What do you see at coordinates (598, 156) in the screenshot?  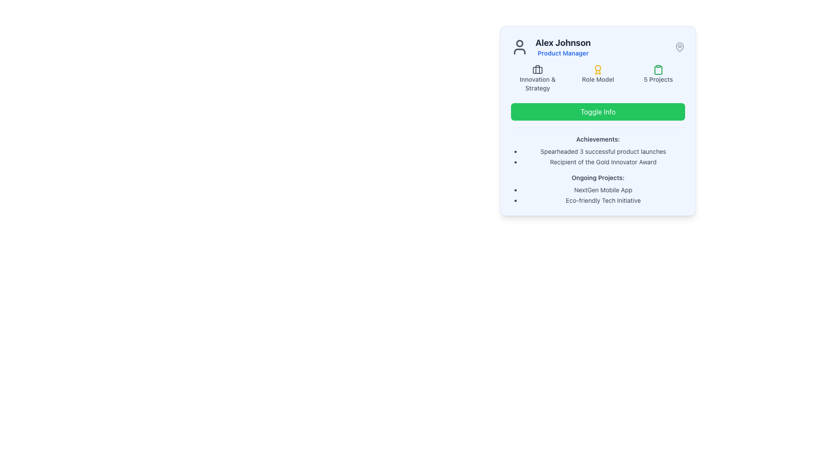 I see `information displayed in the second achievement list item under the 'Achievements' section of the profile card` at bounding box center [598, 156].